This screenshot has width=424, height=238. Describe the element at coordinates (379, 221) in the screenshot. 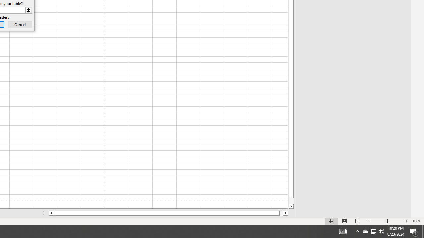

I see `'Zoom Out'` at that location.